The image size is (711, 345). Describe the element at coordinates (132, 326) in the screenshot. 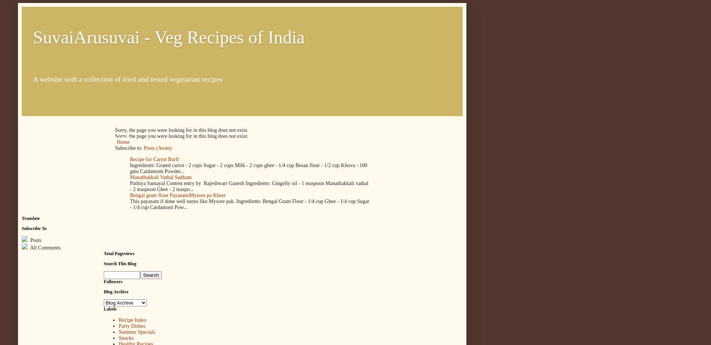

I see `'Party Dishes'` at that location.